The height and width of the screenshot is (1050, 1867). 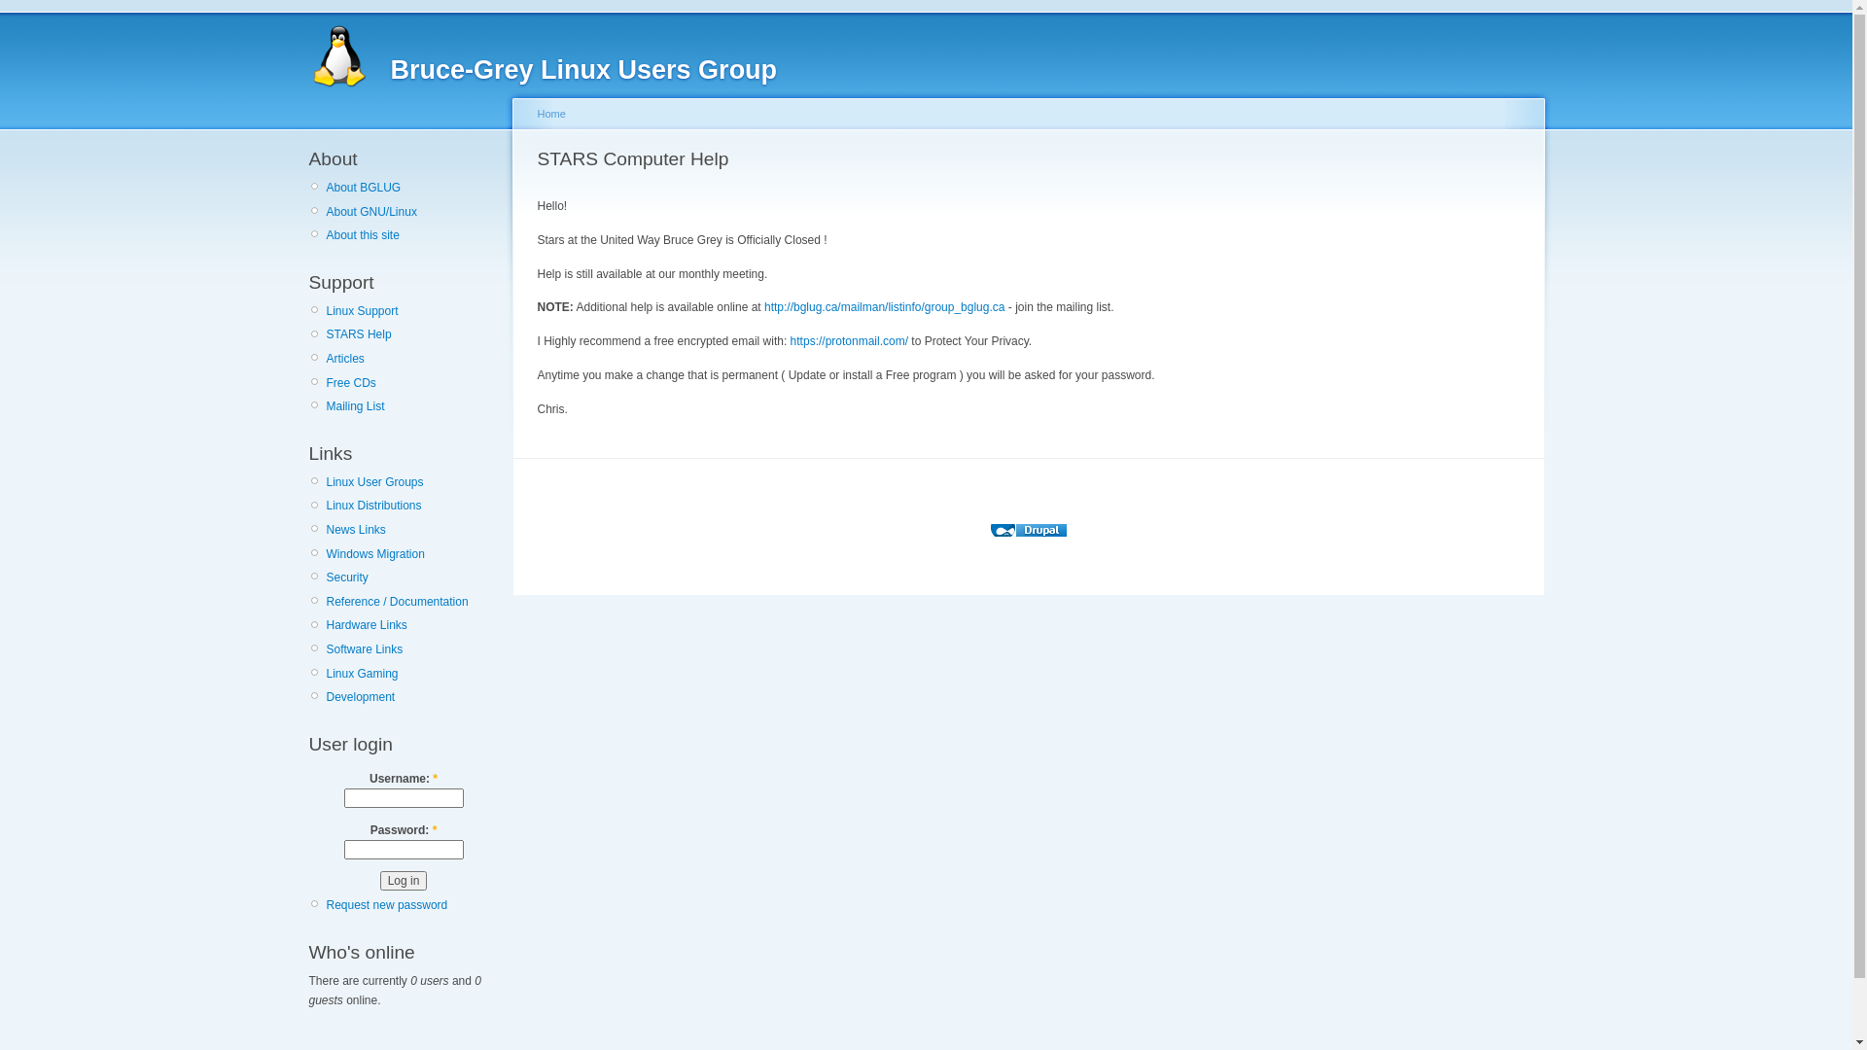 I want to click on 'Home', so click(x=549, y=113).